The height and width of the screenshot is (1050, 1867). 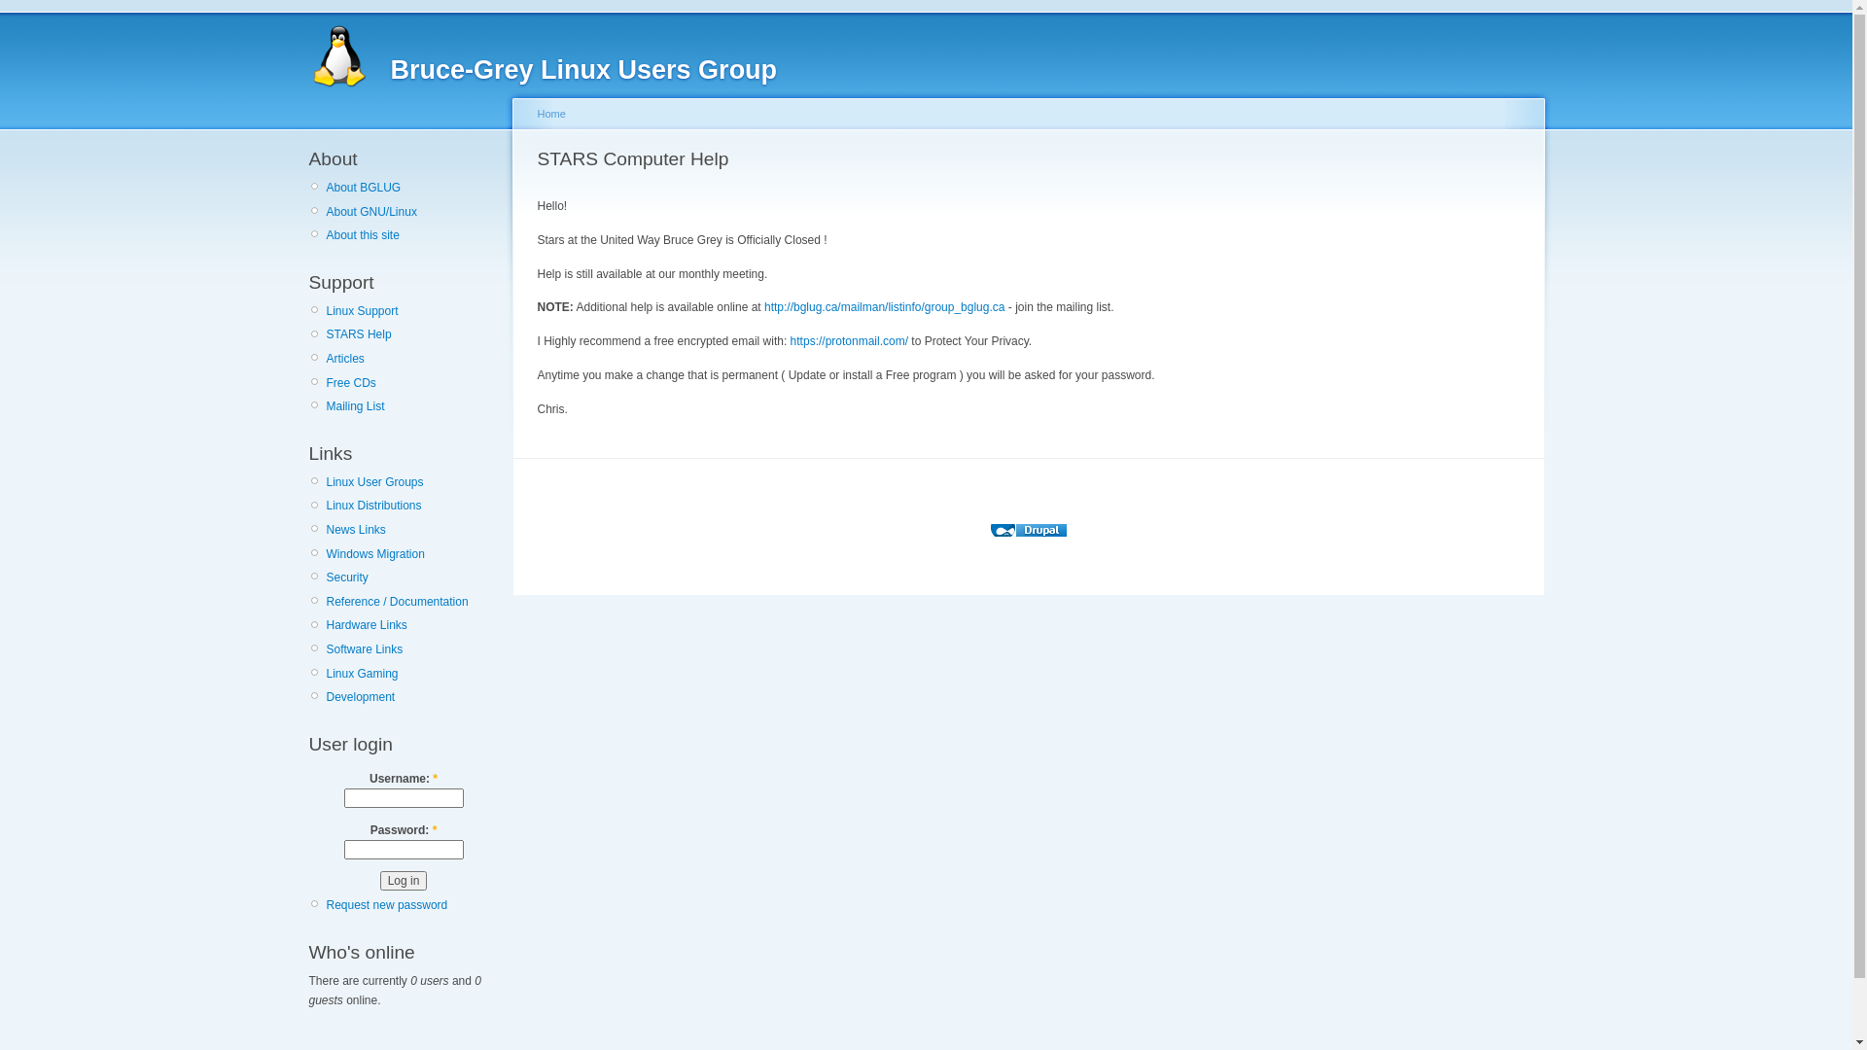 I want to click on 'Home', so click(x=549, y=113).